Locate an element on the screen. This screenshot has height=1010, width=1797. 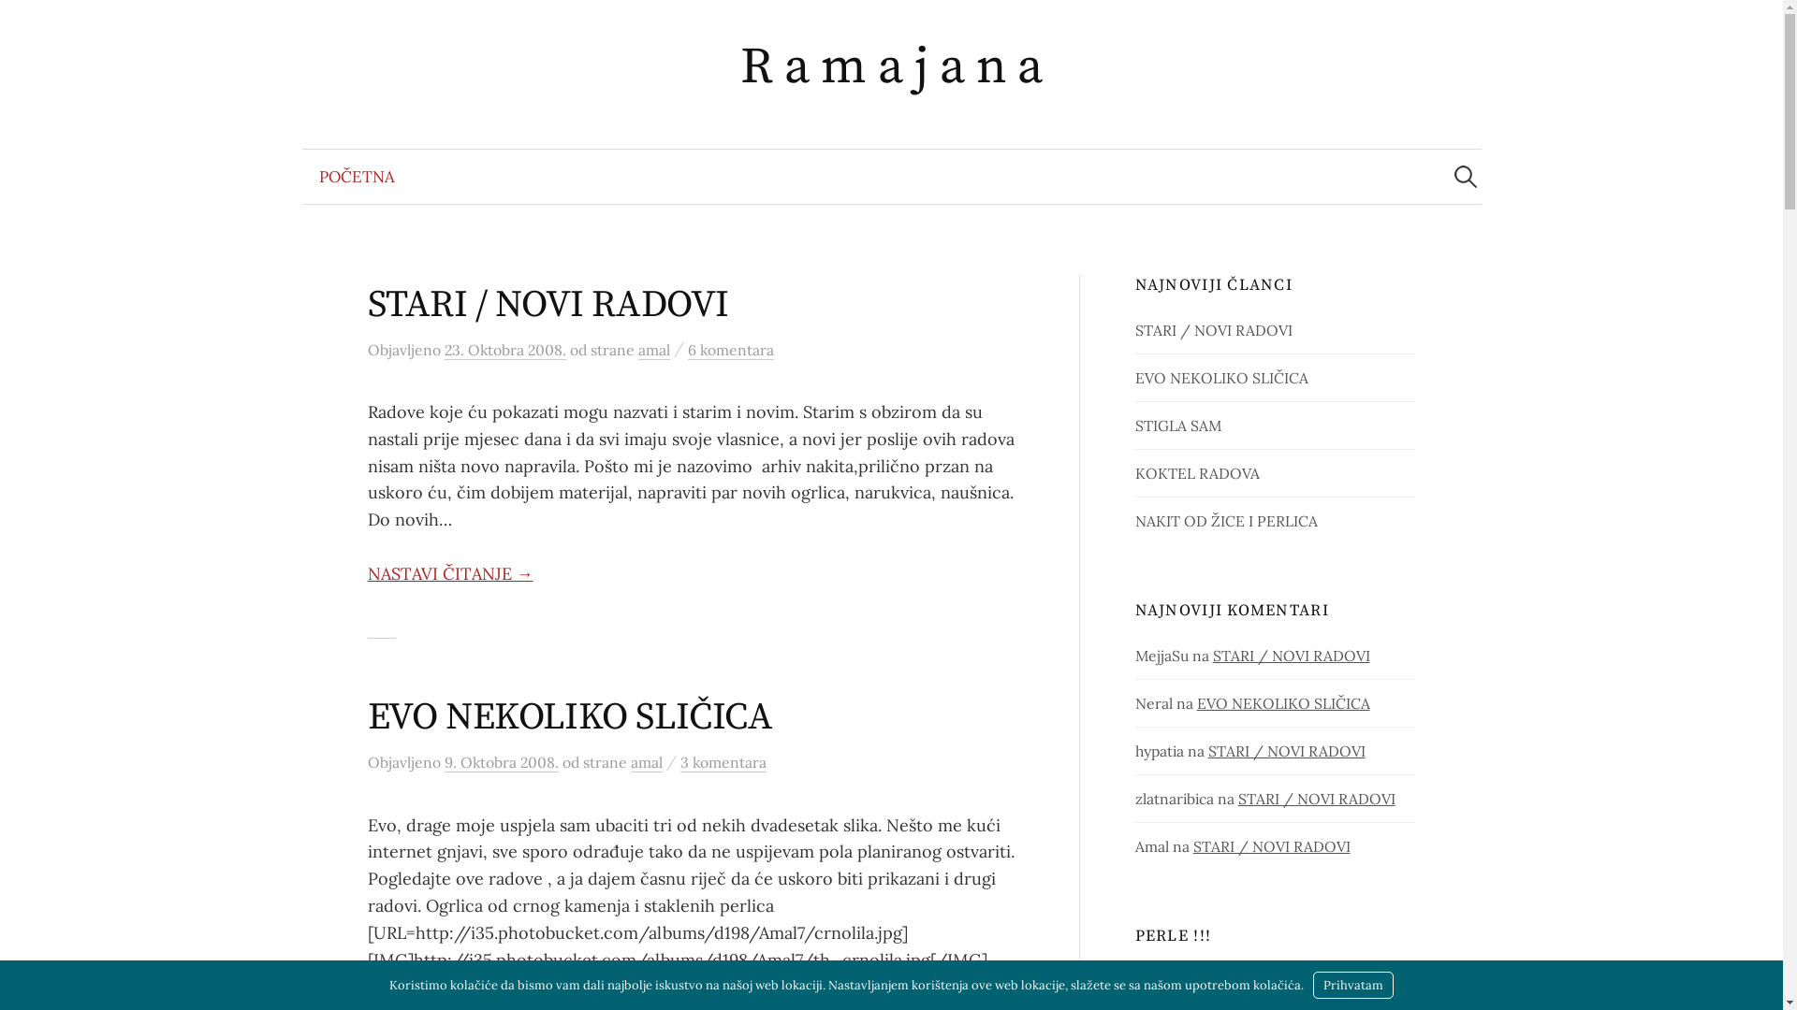
'9. Oktobra 2008.' is located at coordinates (443, 762).